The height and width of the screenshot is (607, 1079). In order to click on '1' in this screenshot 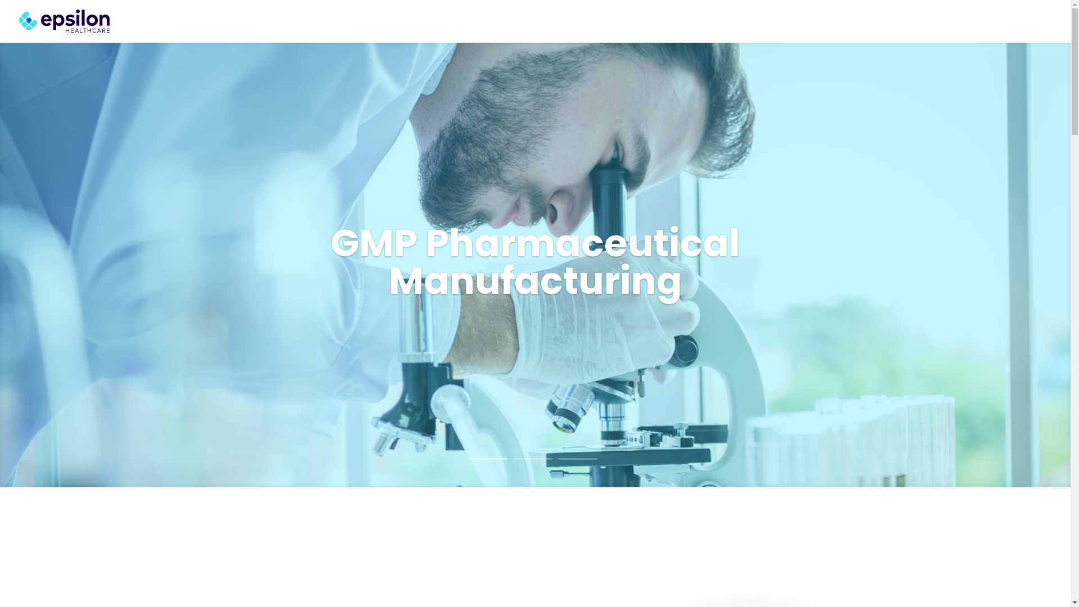, I will do `click(487, 459)`.